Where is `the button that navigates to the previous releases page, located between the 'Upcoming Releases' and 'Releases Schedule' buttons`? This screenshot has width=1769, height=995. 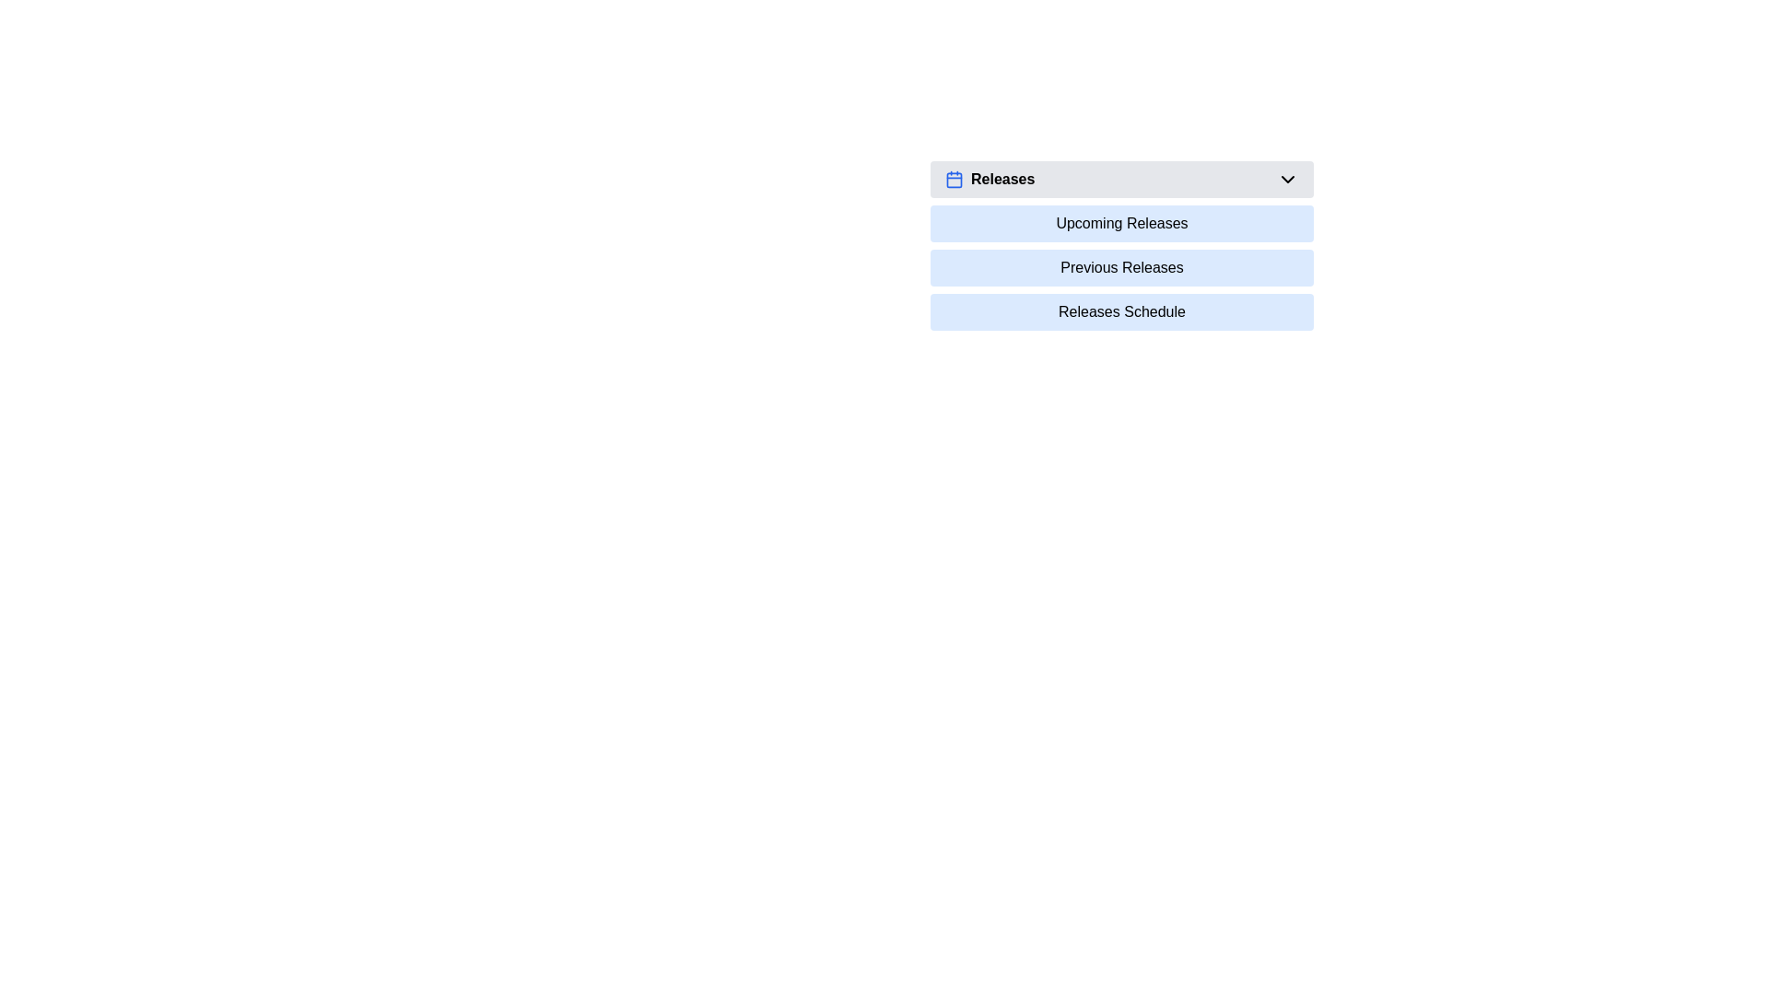
the button that navigates to the previous releases page, located between the 'Upcoming Releases' and 'Releases Schedule' buttons is located at coordinates (1121, 267).